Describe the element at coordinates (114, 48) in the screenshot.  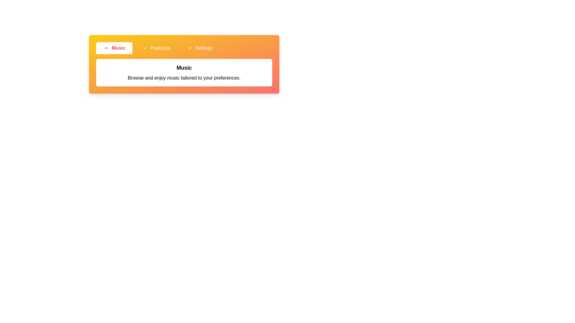
I see `the Music tab` at that location.